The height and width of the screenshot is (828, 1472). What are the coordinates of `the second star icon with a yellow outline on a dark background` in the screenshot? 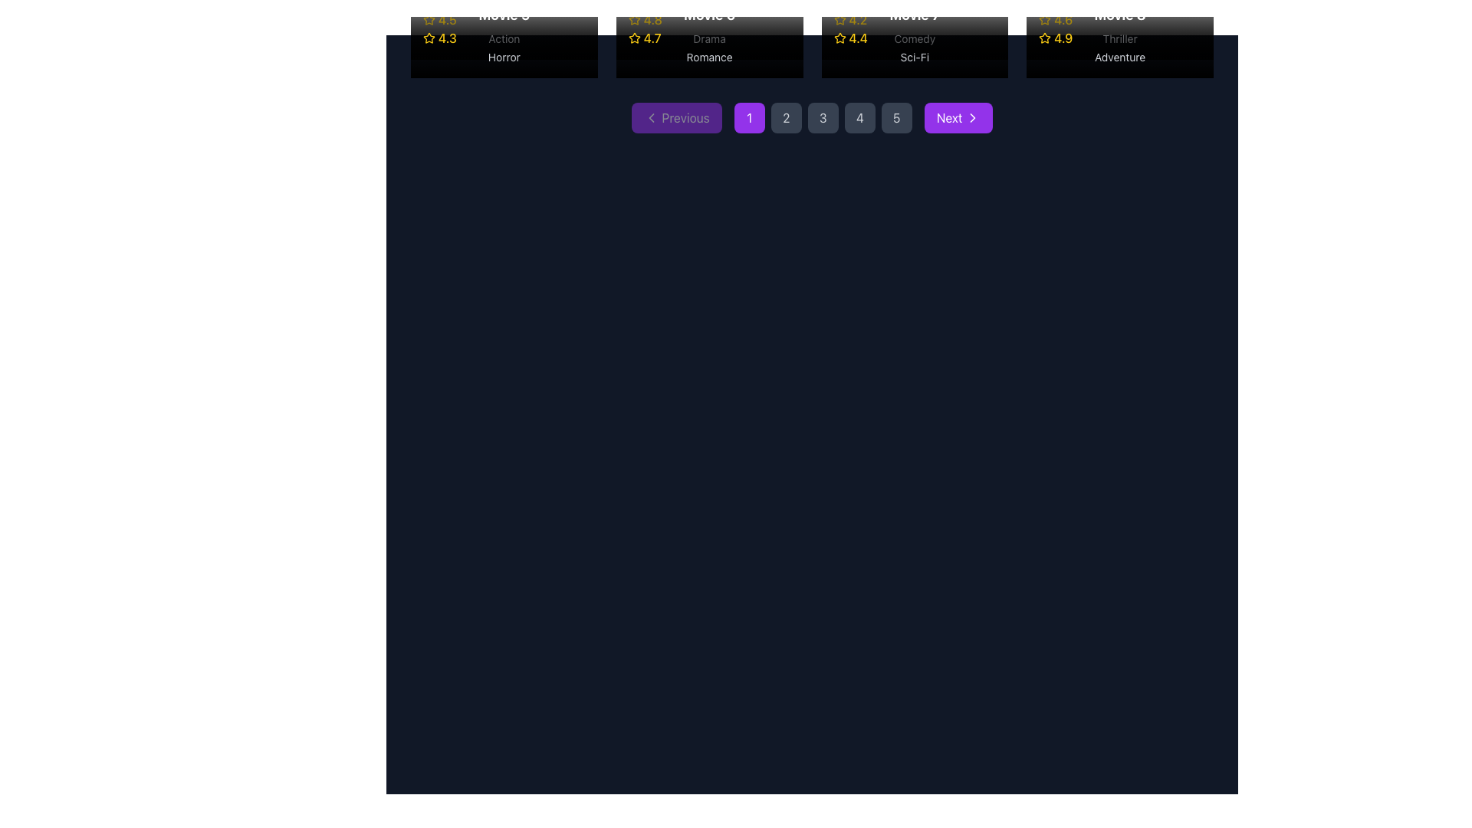 It's located at (634, 37).